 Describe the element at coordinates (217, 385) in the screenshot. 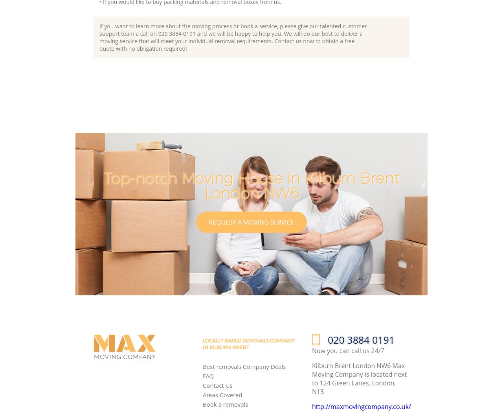

I see `'Contact Us'` at that location.